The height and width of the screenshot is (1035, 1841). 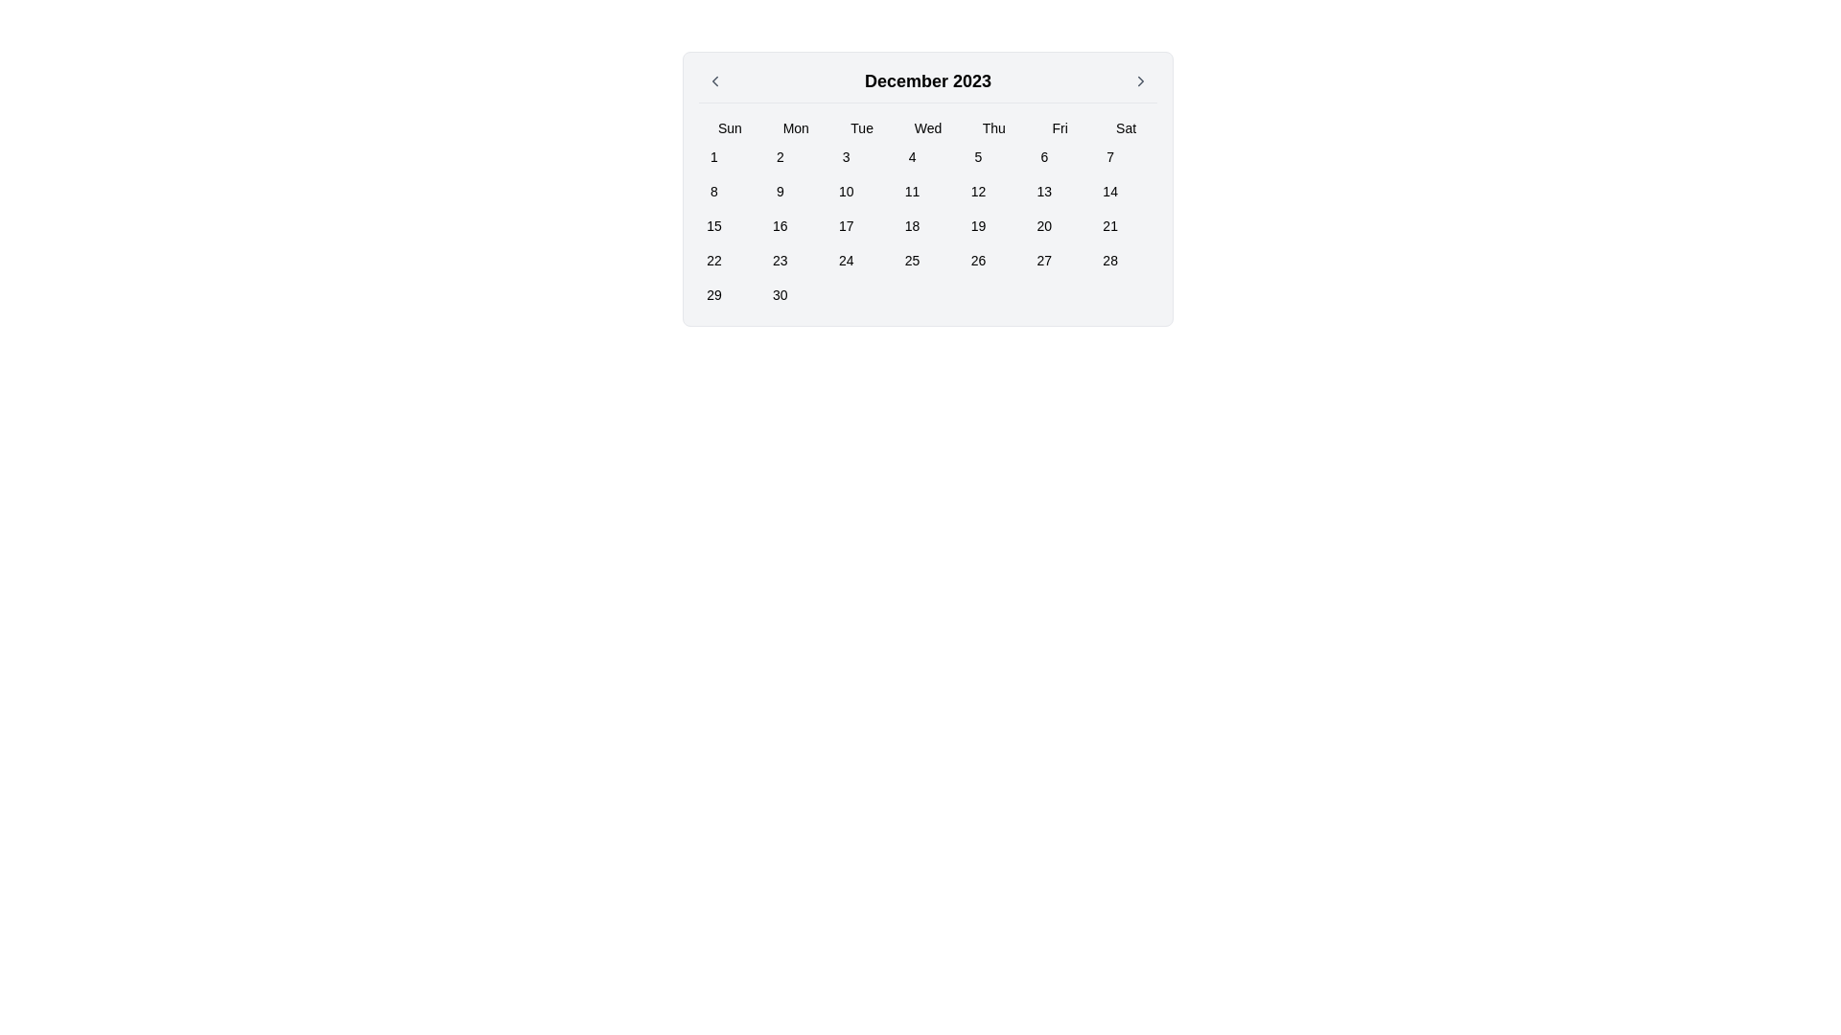 I want to click on the static text displaying 'December 2023' in the header section of the calendar interface, so click(x=928, y=80).